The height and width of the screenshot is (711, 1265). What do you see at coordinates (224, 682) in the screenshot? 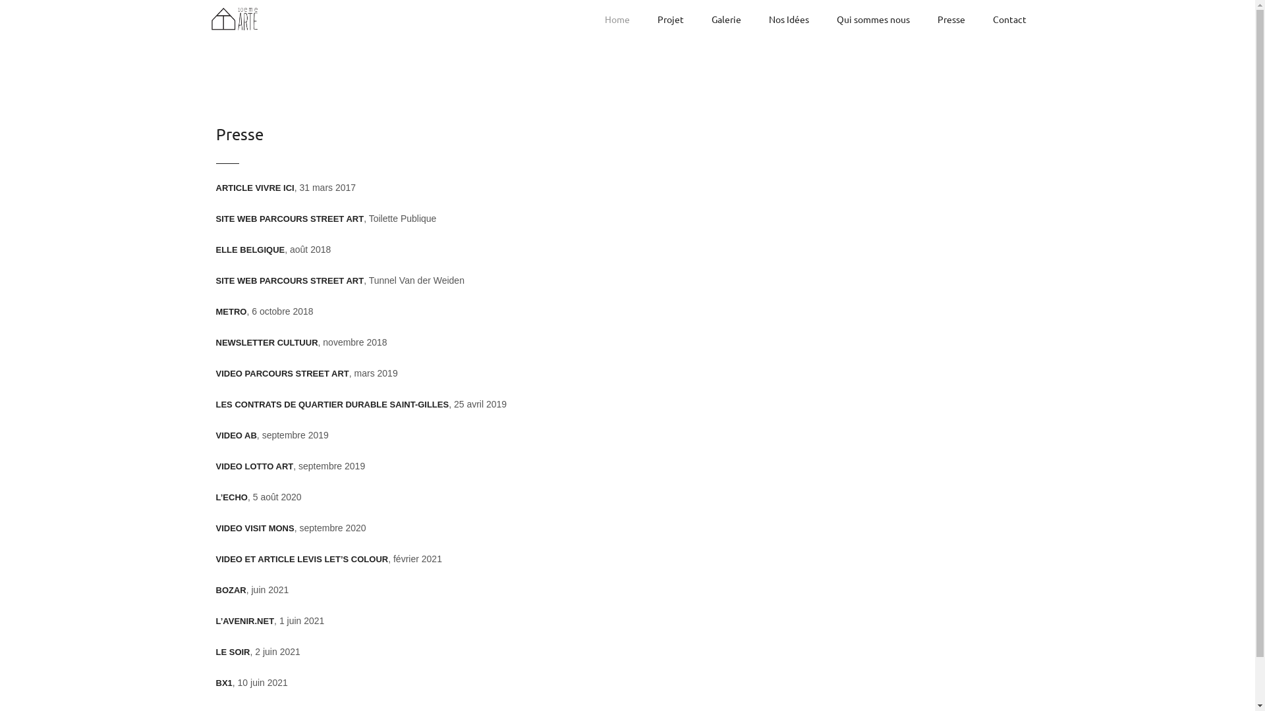
I see `'BX1'` at bounding box center [224, 682].